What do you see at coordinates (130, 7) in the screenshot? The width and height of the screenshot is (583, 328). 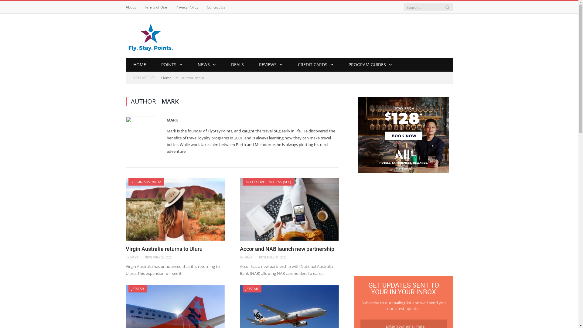 I see `'About'` at bounding box center [130, 7].